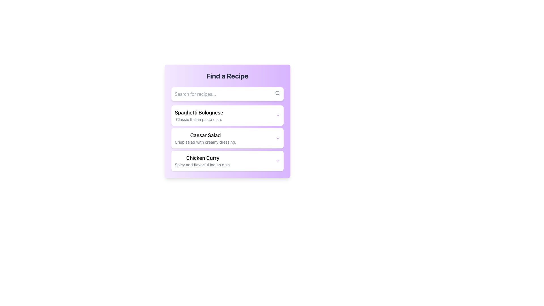  What do you see at coordinates (203, 161) in the screenshot?
I see `text displayed in the Text Label that shows the title 'Chicken Curry' and the description 'Spicy and flavorful Indian dish.' located in the third card of the recipe items list` at bounding box center [203, 161].